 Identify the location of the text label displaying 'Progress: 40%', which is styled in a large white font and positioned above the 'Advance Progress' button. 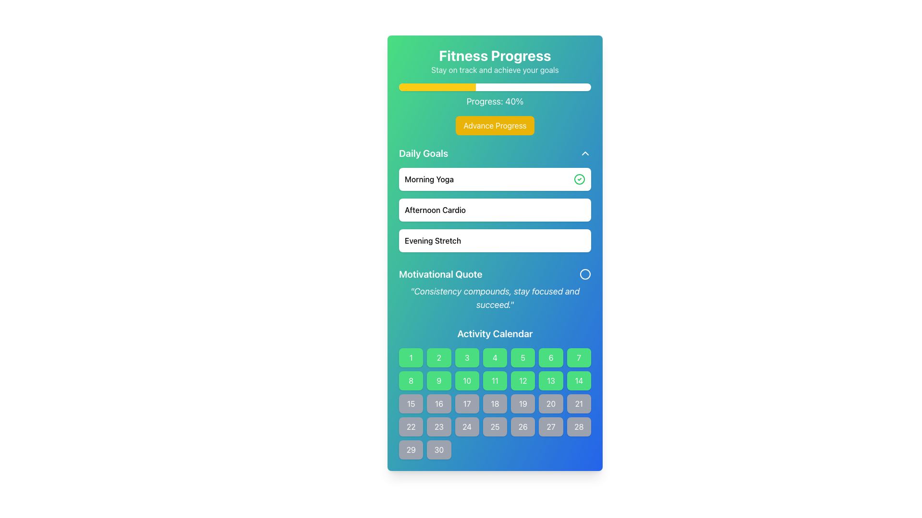
(495, 102).